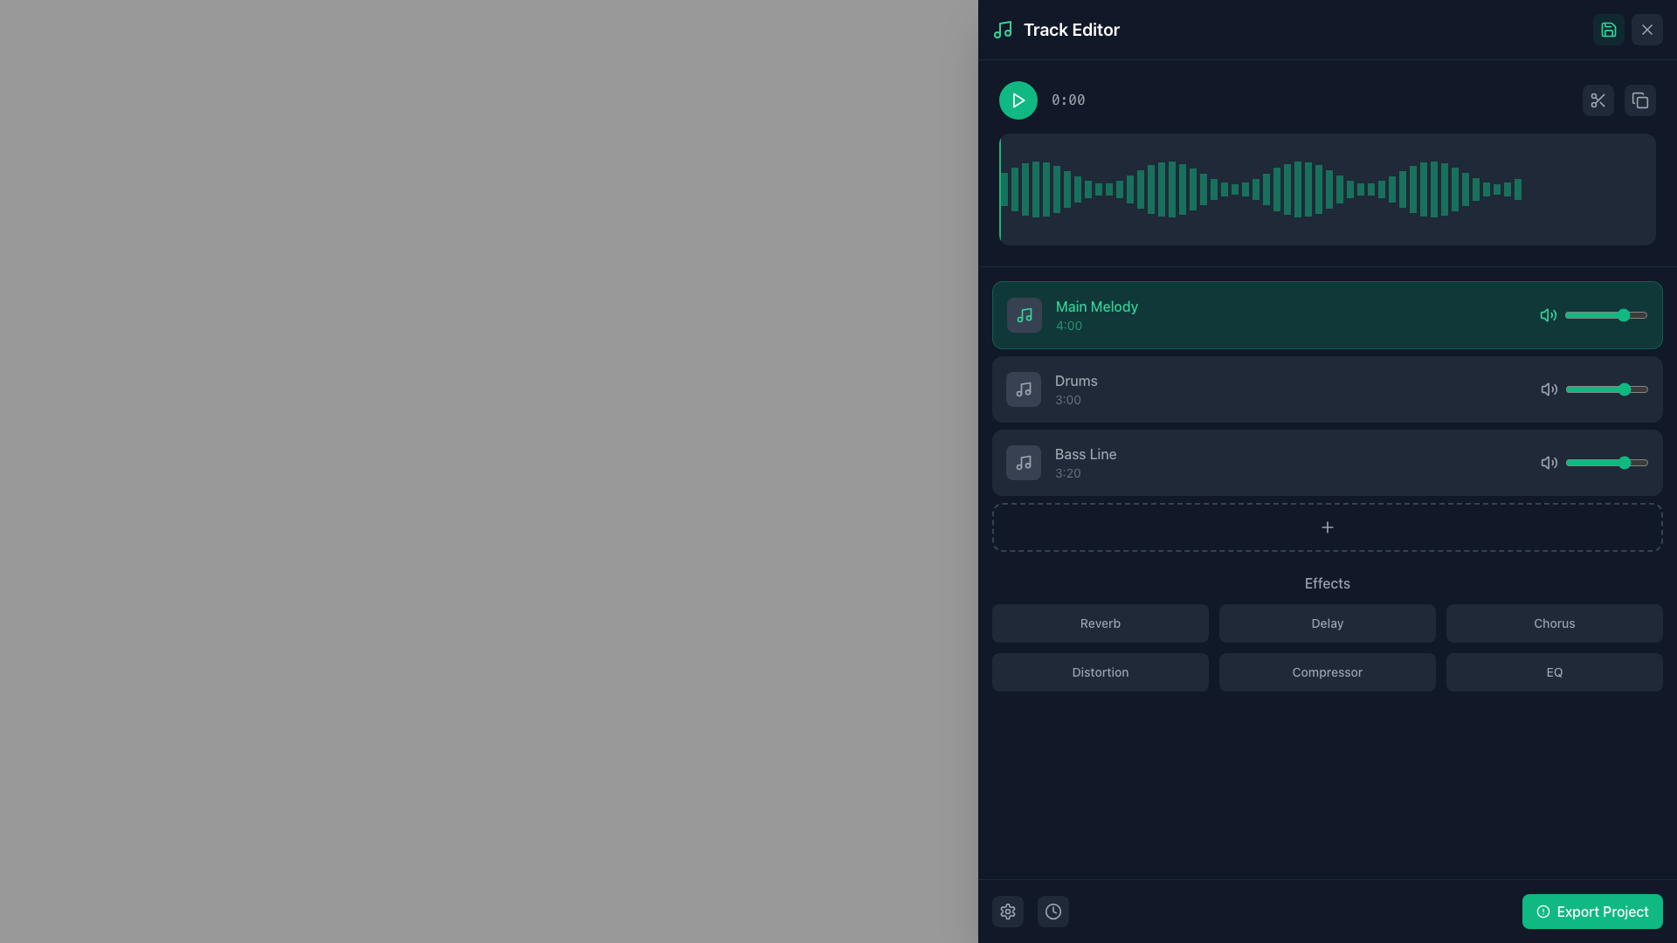 This screenshot has height=943, width=1677. I want to click on the volume slider, so click(1639, 389).